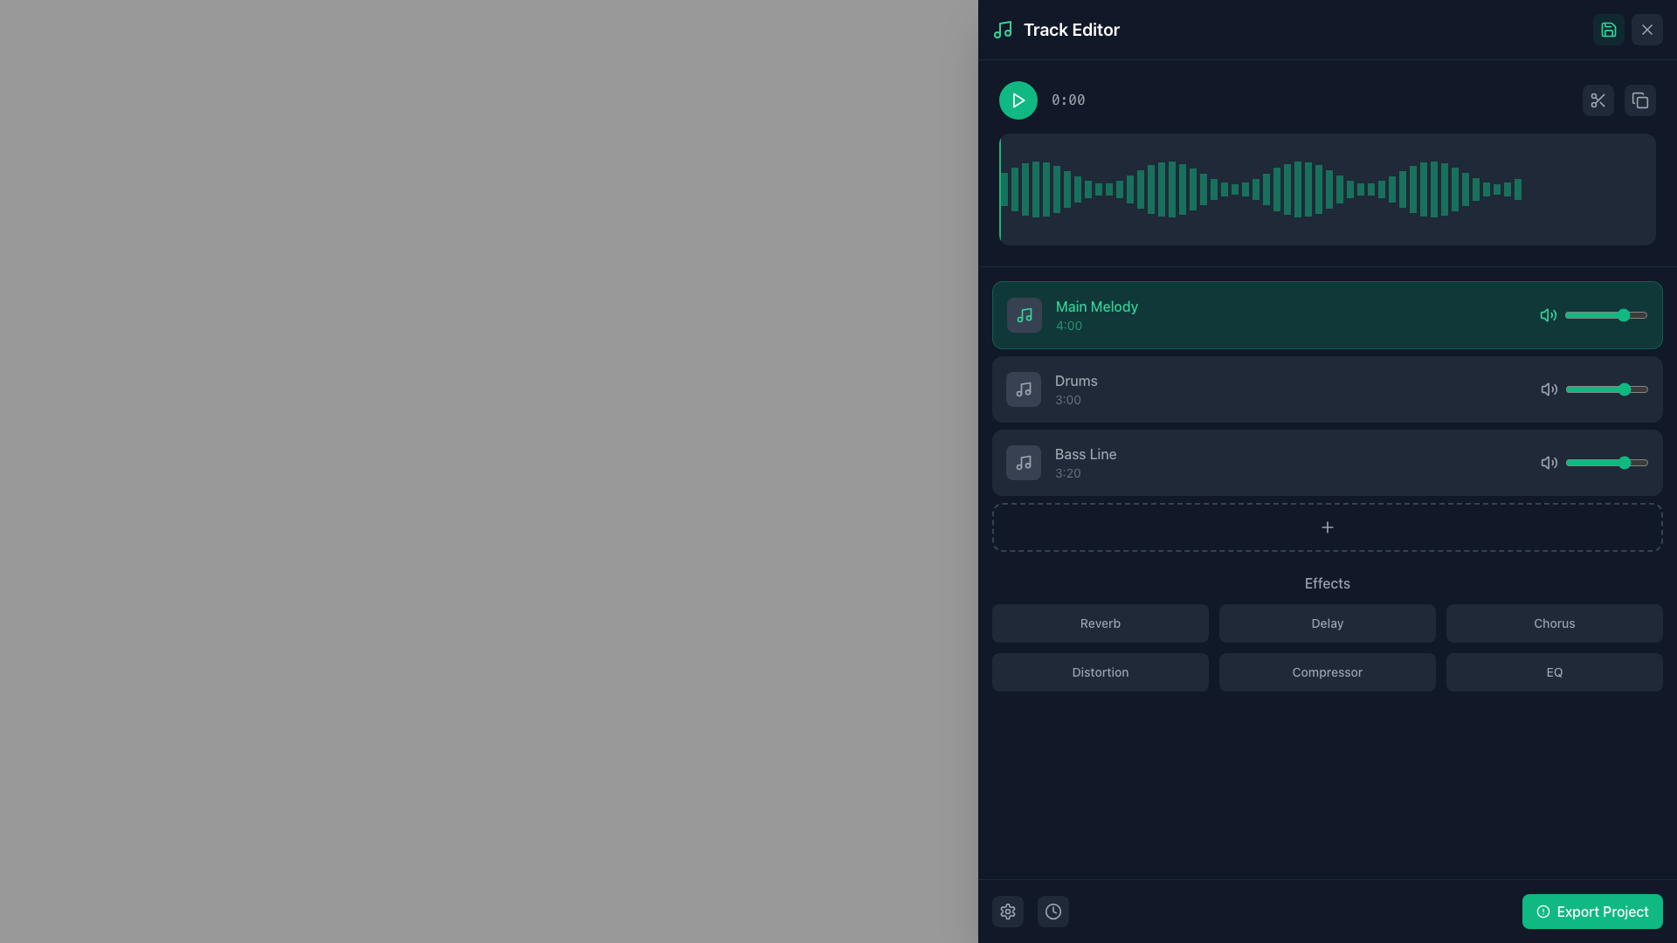 This screenshot has height=943, width=1677. I want to click on the volume slider, so click(1639, 389).